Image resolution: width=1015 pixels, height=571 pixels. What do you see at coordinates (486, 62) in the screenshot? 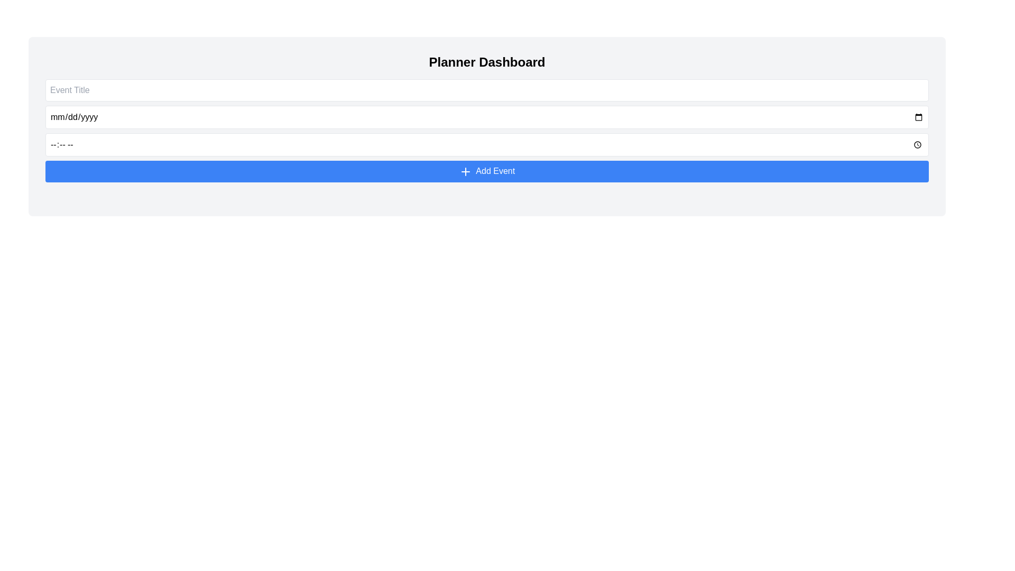
I see `the heading text that indicates the user is on the 'Planner Dashboard' interface by moving the cursor to its center point` at bounding box center [486, 62].